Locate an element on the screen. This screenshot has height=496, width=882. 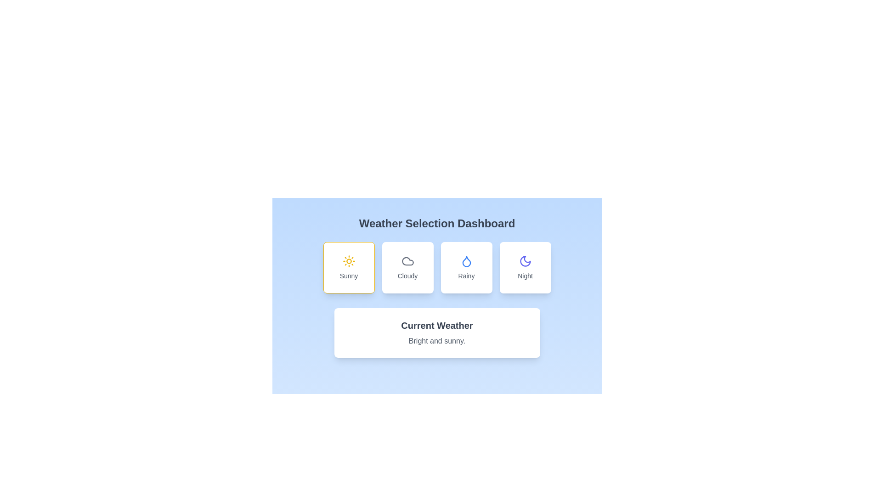
the 'Rainy' weather condition text label, which is the third option in the row of weather selections is located at coordinates (466, 276).